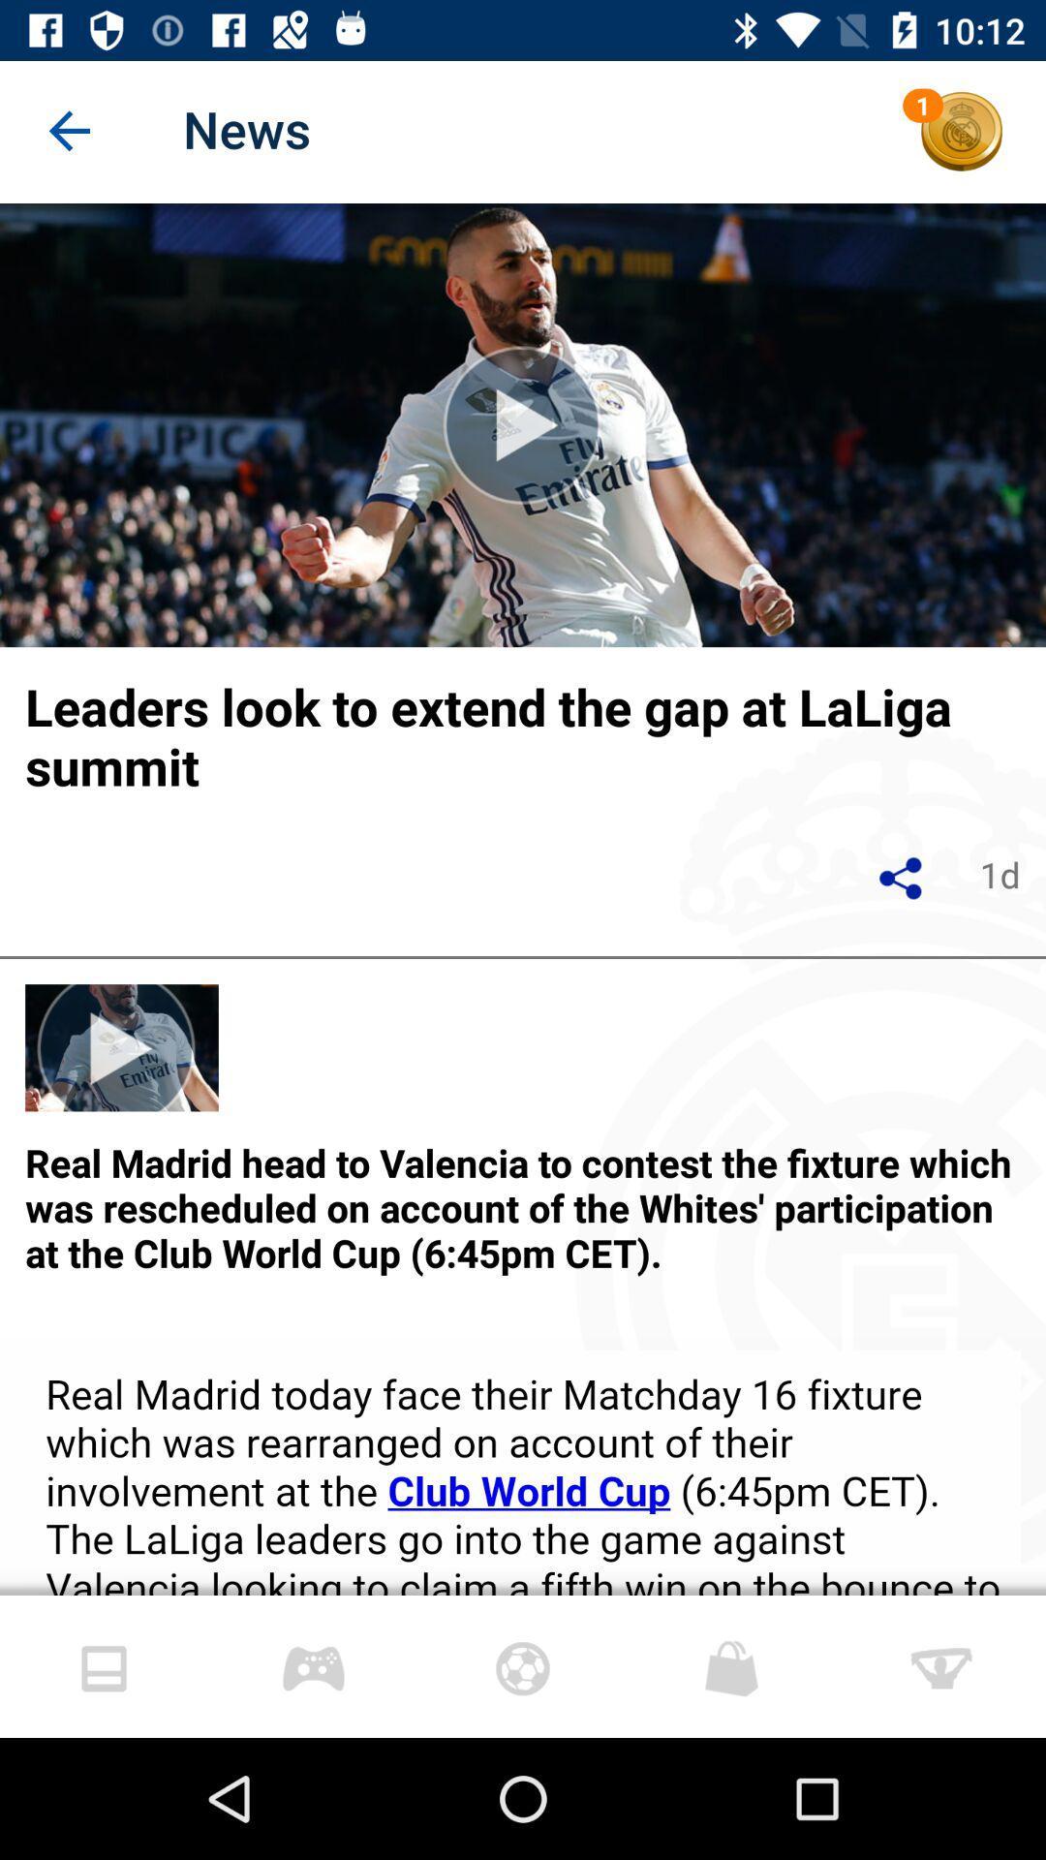 This screenshot has height=1860, width=1046. Describe the element at coordinates (313, 1665) in the screenshot. I see `the bookmark icon` at that location.